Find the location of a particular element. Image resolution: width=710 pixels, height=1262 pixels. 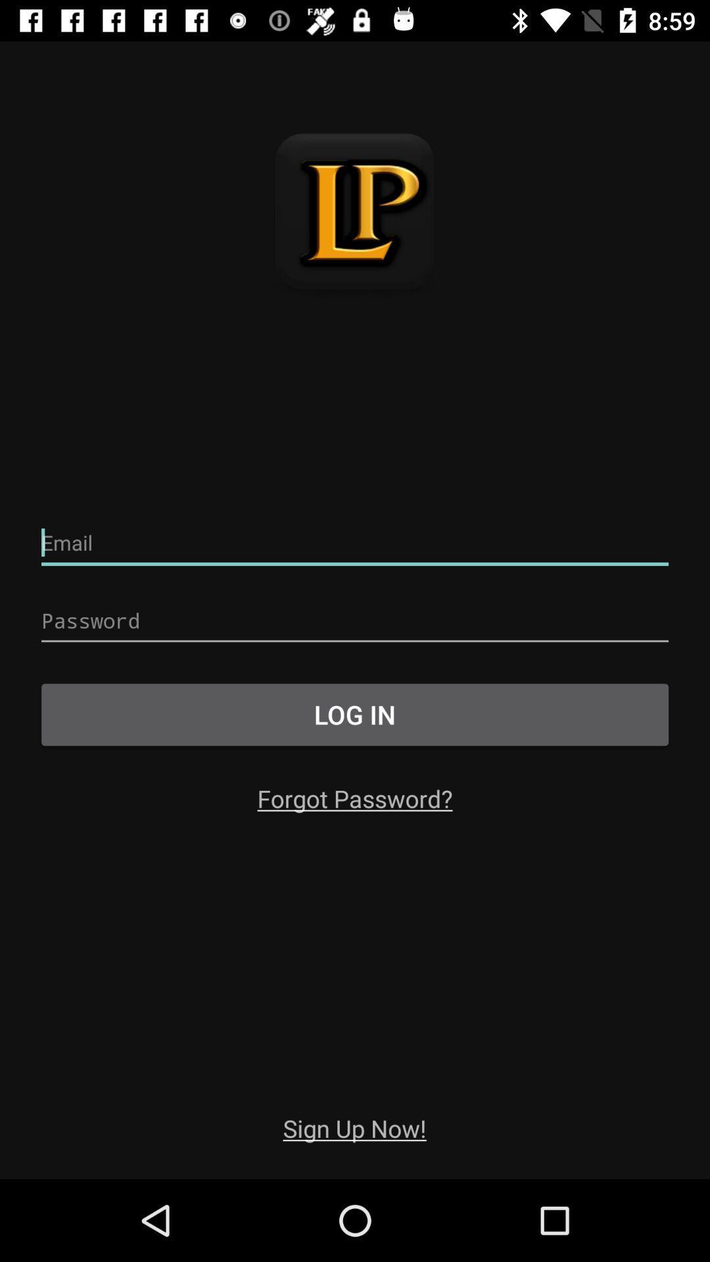

the log in button is located at coordinates (355, 714).